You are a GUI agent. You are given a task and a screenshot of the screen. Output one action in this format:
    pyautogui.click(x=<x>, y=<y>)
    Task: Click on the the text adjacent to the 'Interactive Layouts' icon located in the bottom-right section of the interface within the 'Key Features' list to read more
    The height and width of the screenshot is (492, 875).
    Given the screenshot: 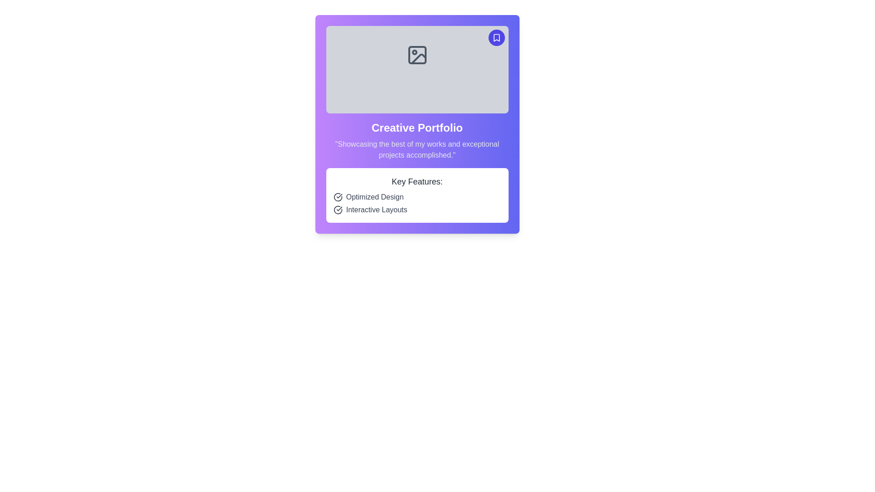 What is the action you would take?
    pyautogui.click(x=337, y=210)
    